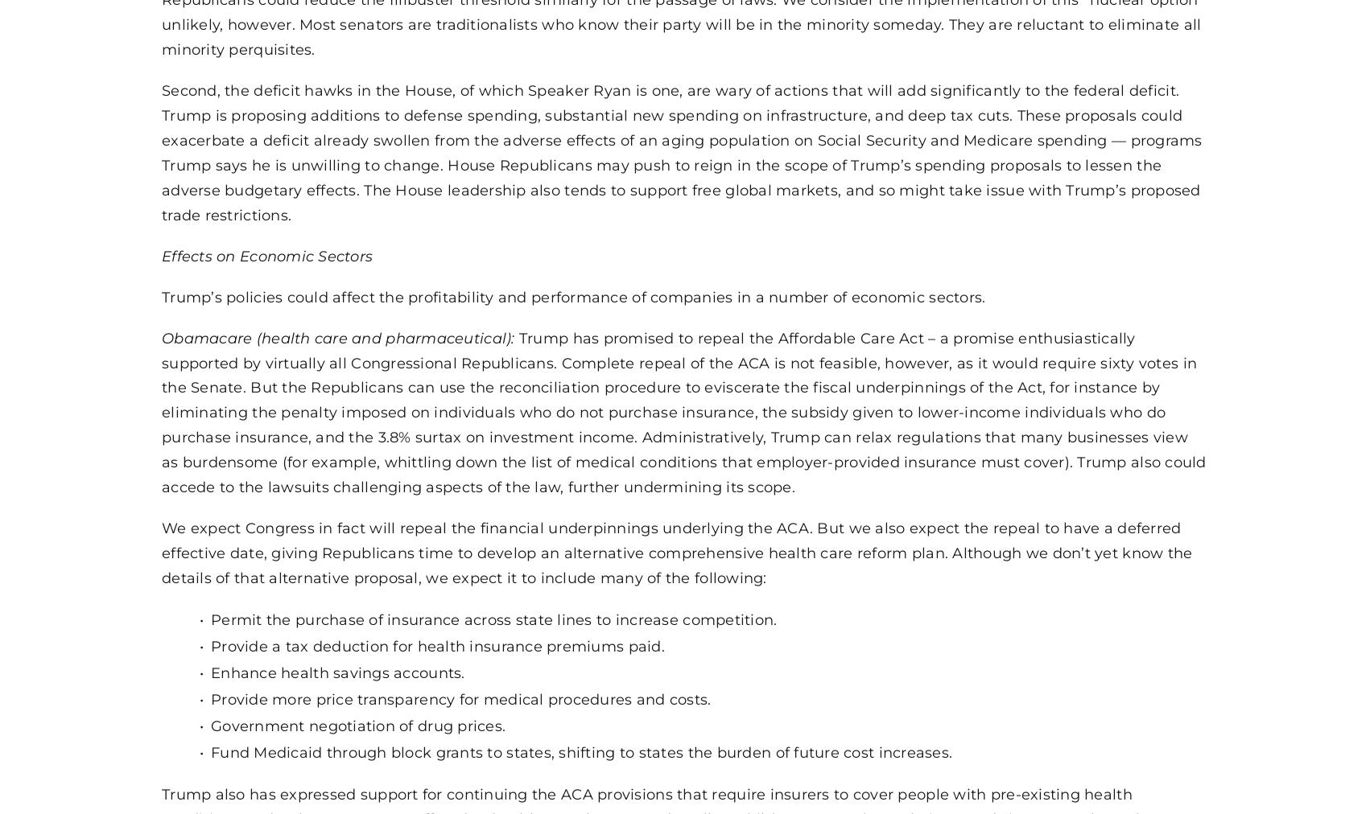 This screenshot has height=814, width=1370. What do you see at coordinates (460, 697) in the screenshot?
I see `'Provide more price transparency for medical procedures and costs.'` at bounding box center [460, 697].